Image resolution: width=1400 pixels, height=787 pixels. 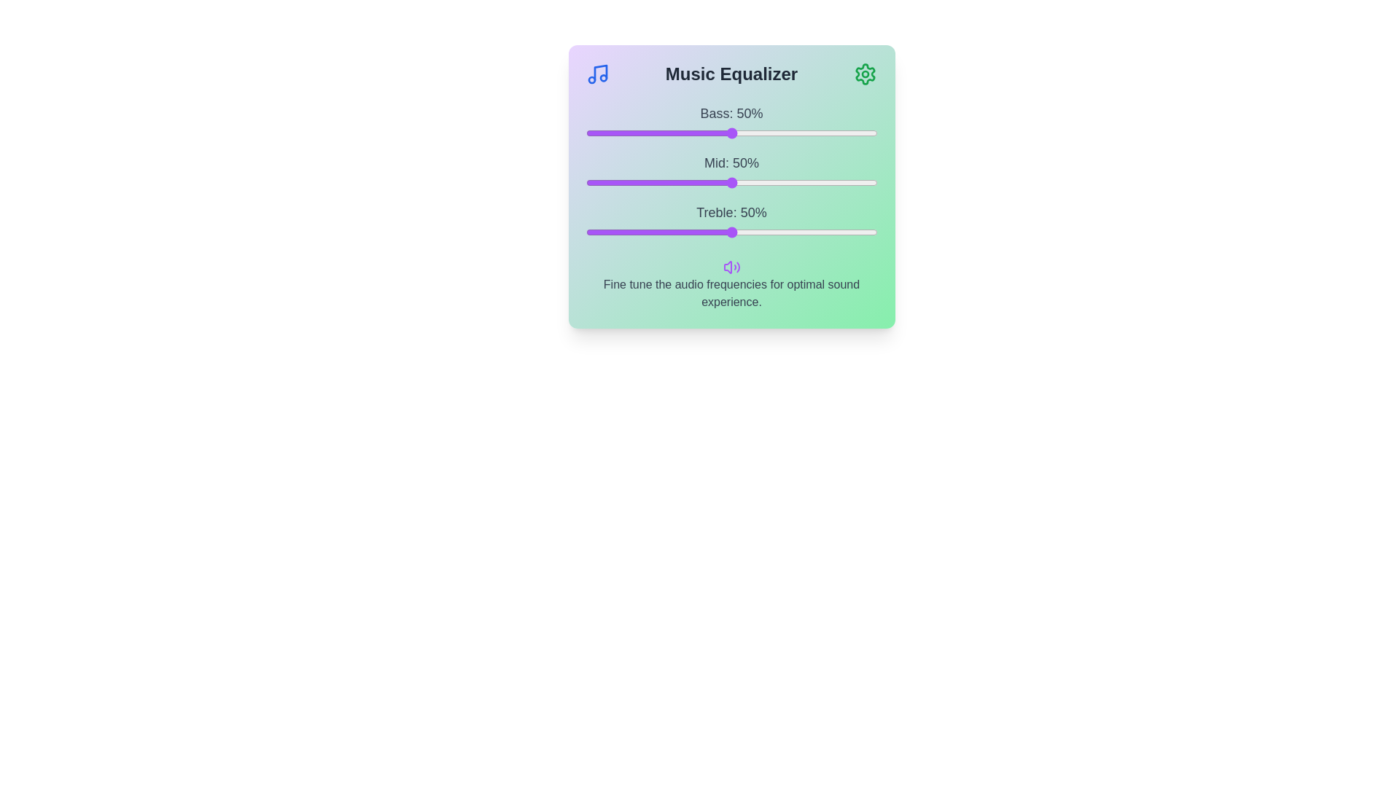 What do you see at coordinates (812, 133) in the screenshot?
I see `the bass slider to 78%` at bounding box center [812, 133].